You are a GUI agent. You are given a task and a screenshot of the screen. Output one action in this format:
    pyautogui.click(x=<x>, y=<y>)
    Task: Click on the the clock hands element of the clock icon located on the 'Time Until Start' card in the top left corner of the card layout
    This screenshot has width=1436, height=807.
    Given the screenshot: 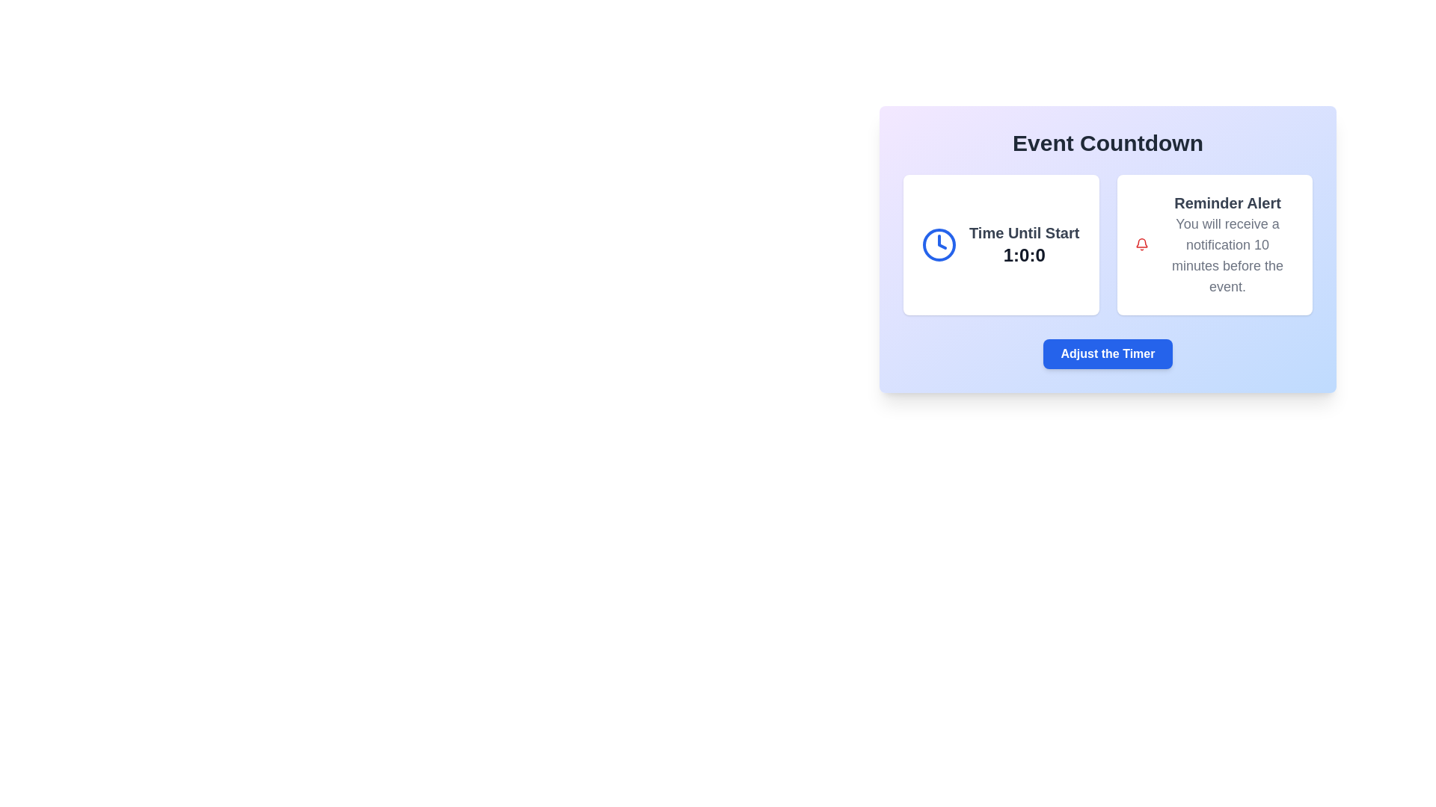 What is the action you would take?
    pyautogui.click(x=941, y=241)
    